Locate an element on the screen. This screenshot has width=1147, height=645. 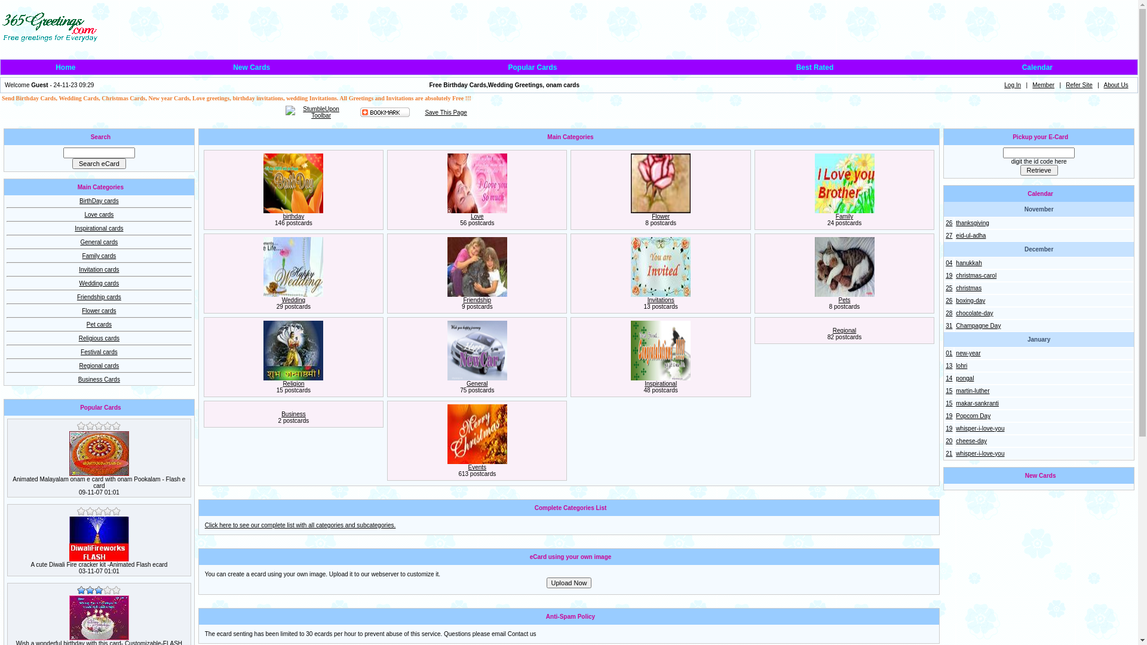
'General' is located at coordinates (476, 383).